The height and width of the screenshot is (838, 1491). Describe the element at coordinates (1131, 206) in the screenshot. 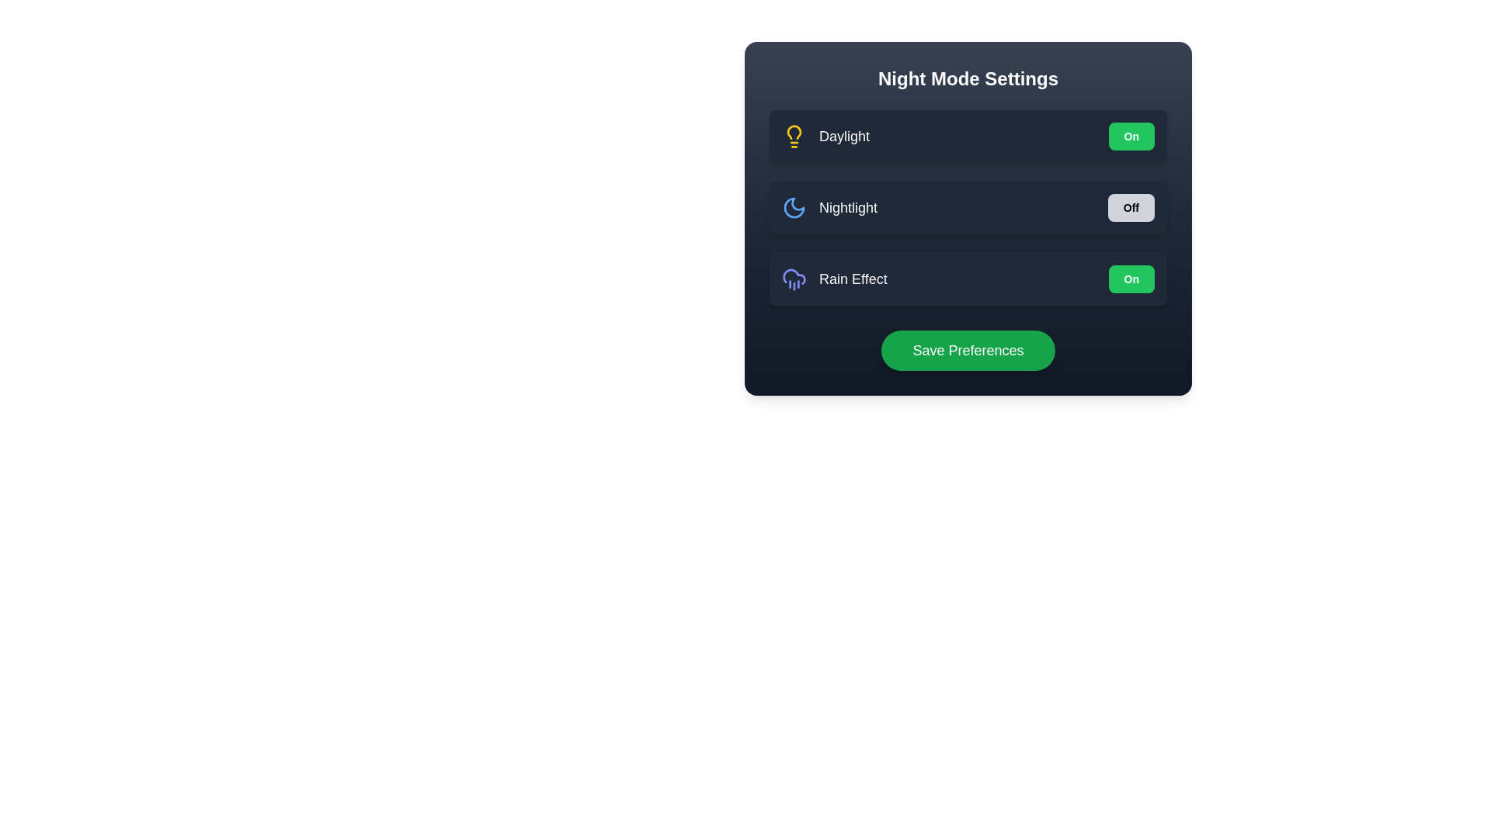

I see `the 'Nightlight' toggle button to switch its state` at that location.